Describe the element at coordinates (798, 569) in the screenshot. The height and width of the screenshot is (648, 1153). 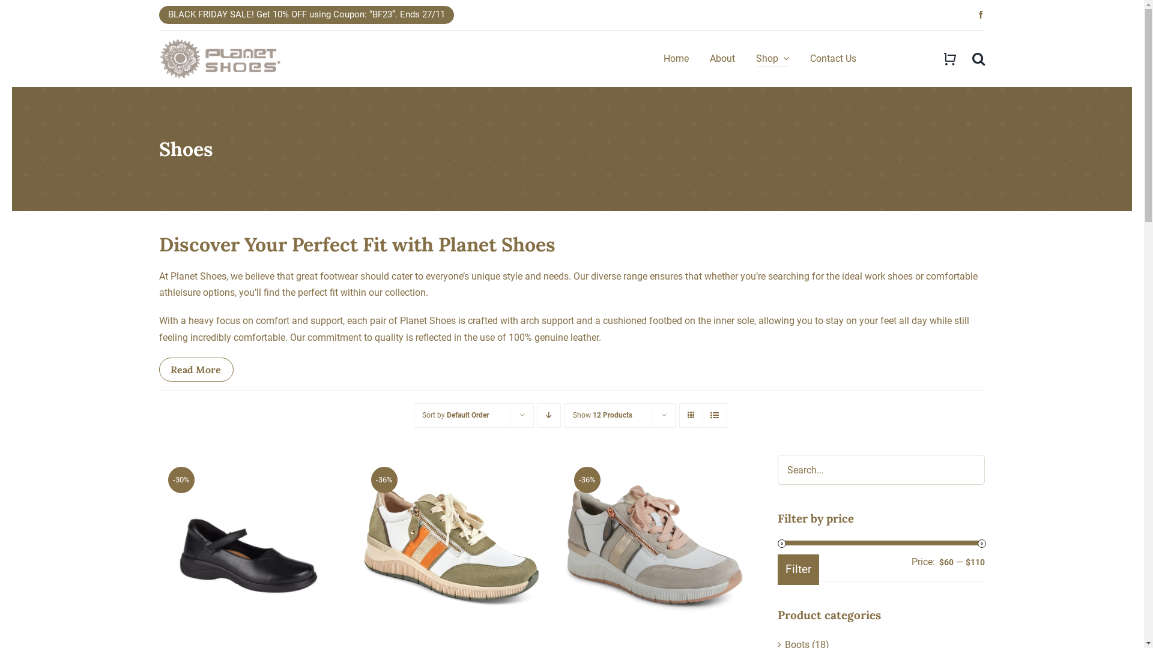
I see `'Filter'` at that location.